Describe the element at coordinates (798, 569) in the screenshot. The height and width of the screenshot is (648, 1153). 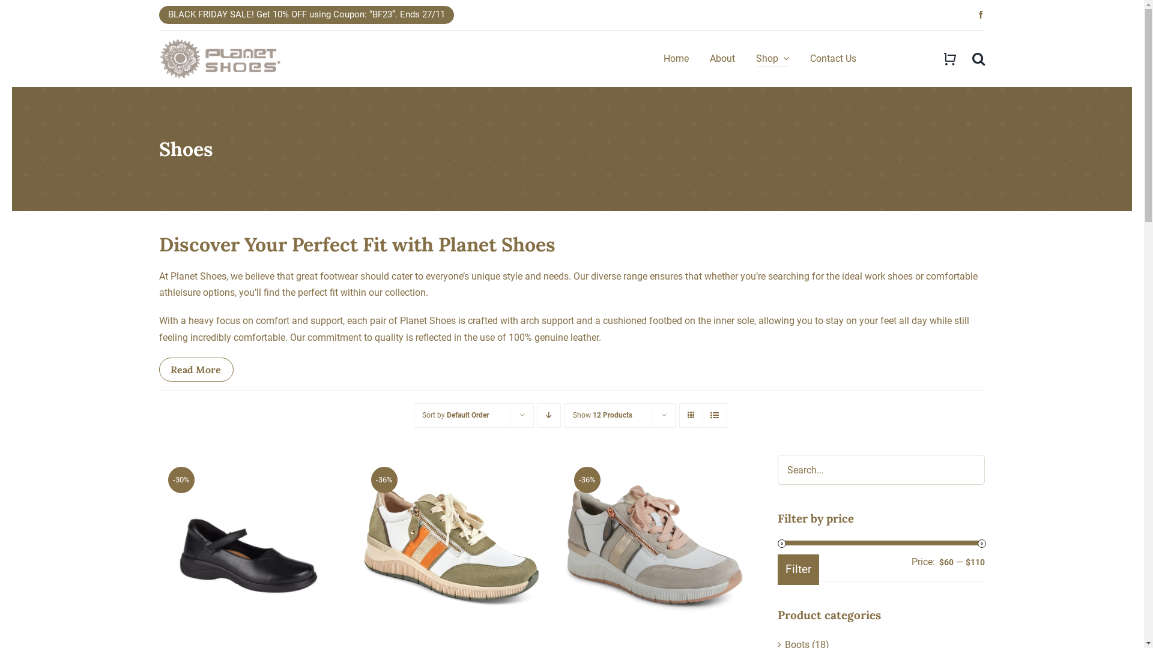
I see `'Filter'` at that location.